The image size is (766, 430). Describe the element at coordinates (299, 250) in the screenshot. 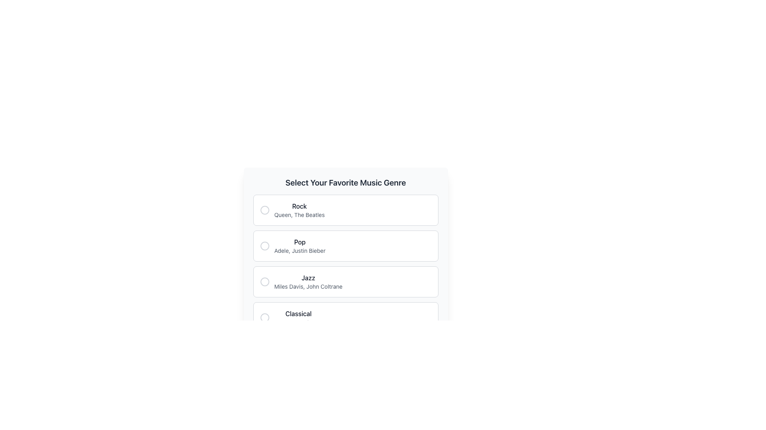

I see `the text label displaying 'Adele, Justin Bieber' which is styled in gray and positioned below the 'Pop' header within the white rectangular area` at that location.